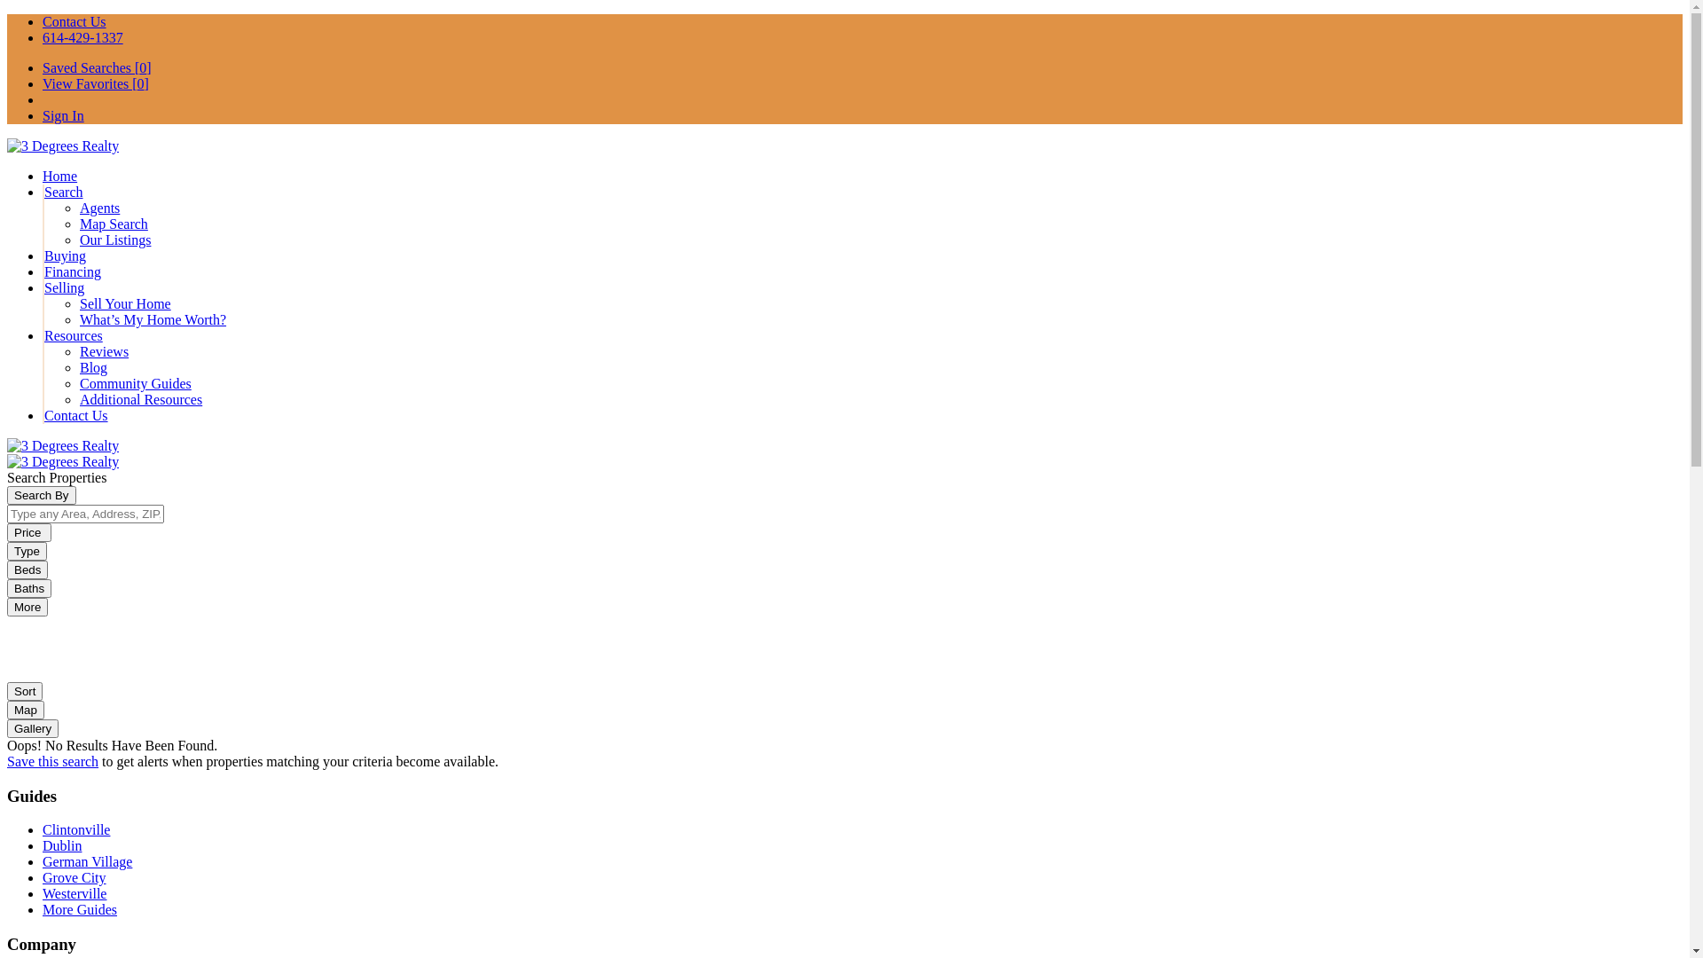 This screenshot has height=958, width=1703. Describe the element at coordinates (114, 239) in the screenshot. I see `'Our Listings'` at that location.